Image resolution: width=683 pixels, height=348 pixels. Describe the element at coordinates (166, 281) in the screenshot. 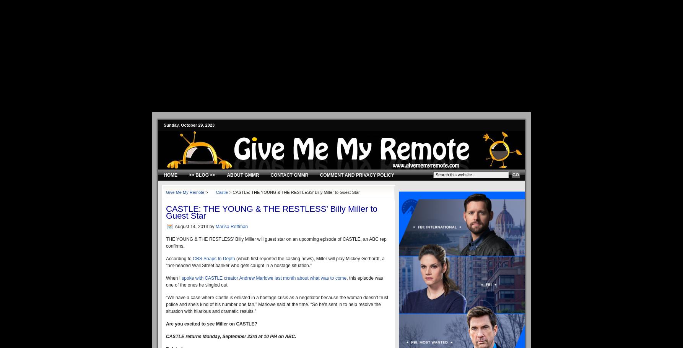

I see `', this episode was one of the ones he singled out.'` at that location.